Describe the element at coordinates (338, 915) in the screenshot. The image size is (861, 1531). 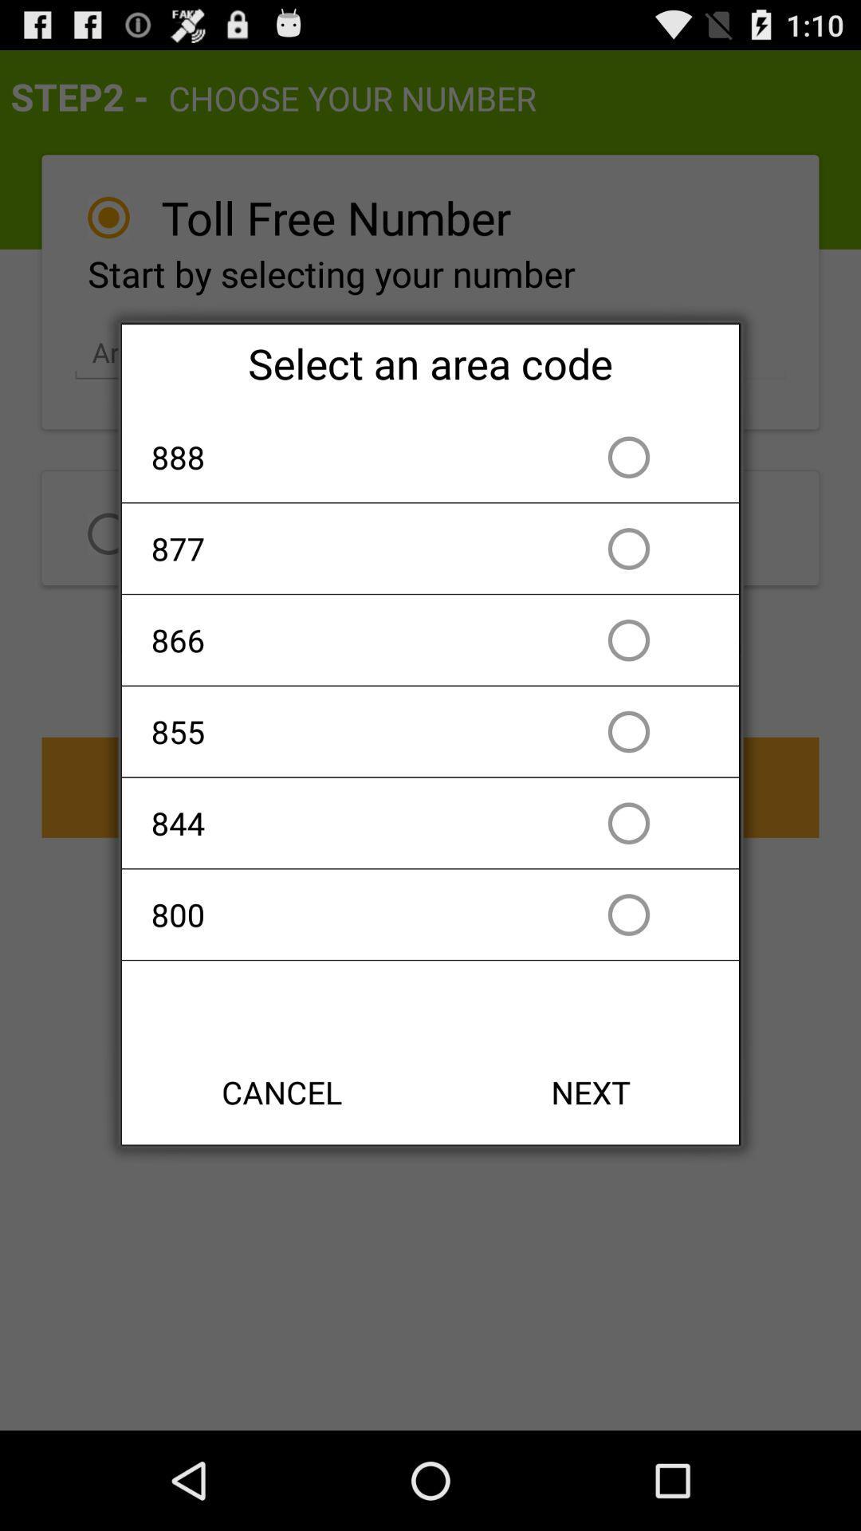
I see `the icon above the next item` at that location.